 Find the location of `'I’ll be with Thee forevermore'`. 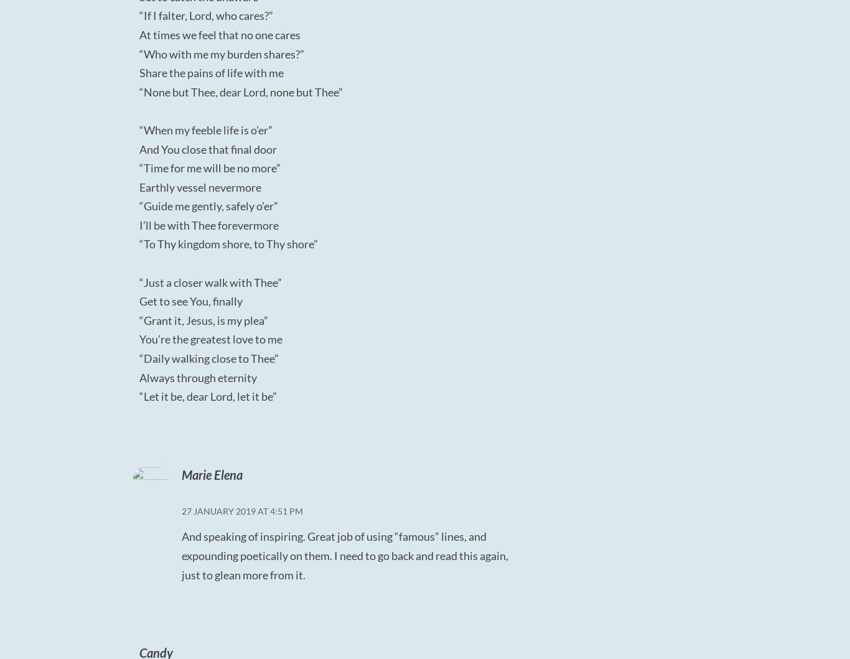

'I’ll be with Thee forevermore' is located at coordinates (209, 224).